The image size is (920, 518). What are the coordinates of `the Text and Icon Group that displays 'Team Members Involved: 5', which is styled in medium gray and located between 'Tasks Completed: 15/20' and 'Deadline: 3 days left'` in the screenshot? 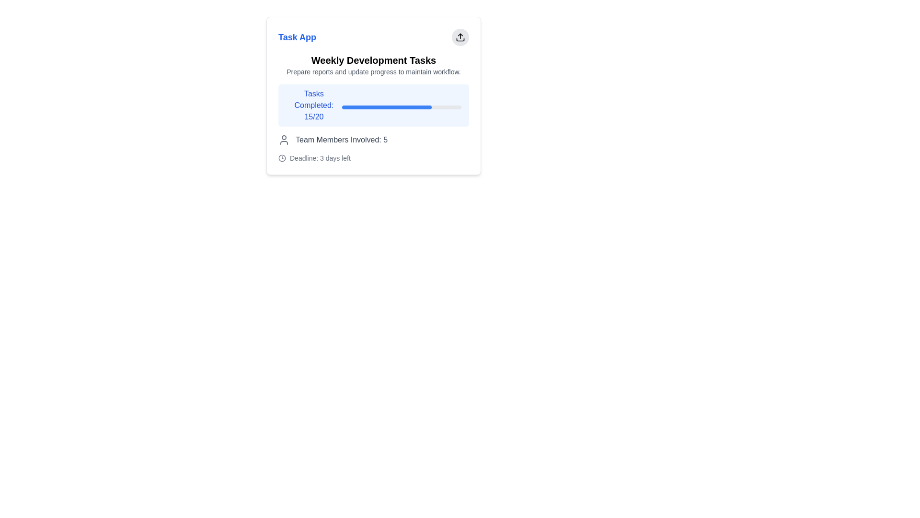 It's located at (373, 140).